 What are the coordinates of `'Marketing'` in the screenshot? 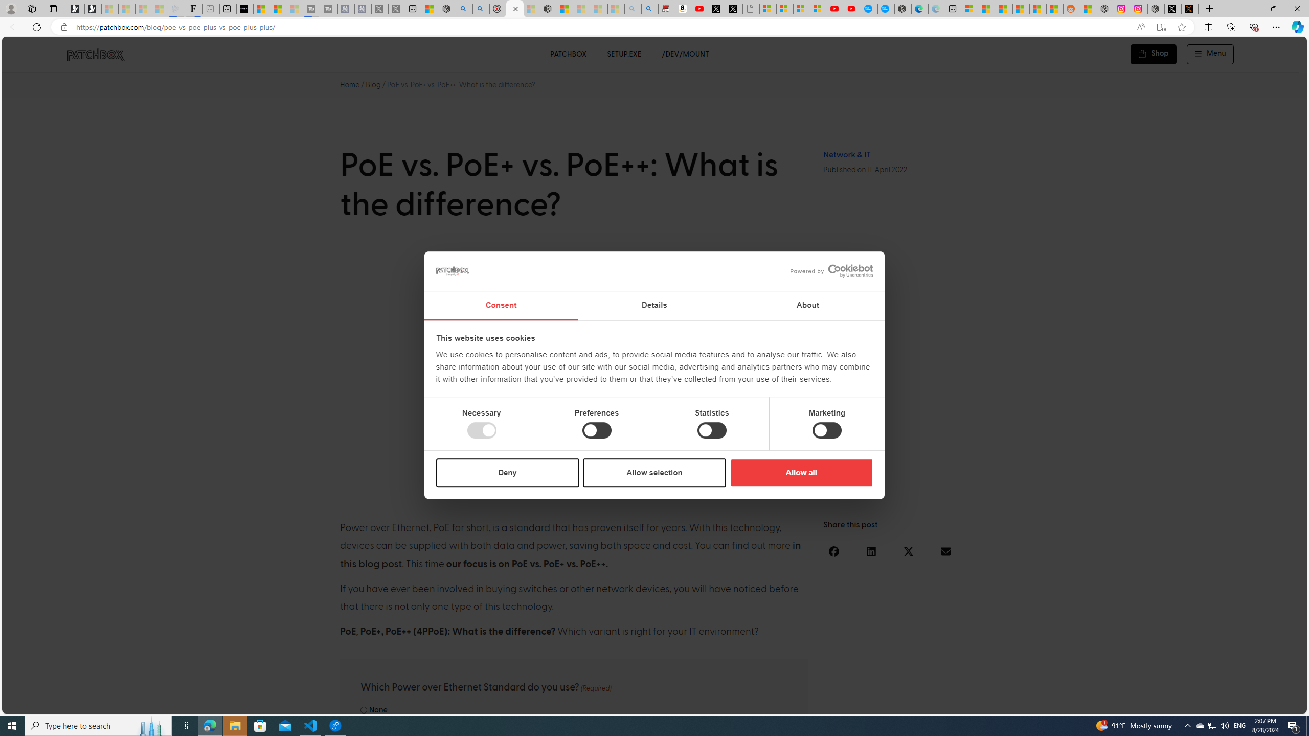 It's located at (827, 430).